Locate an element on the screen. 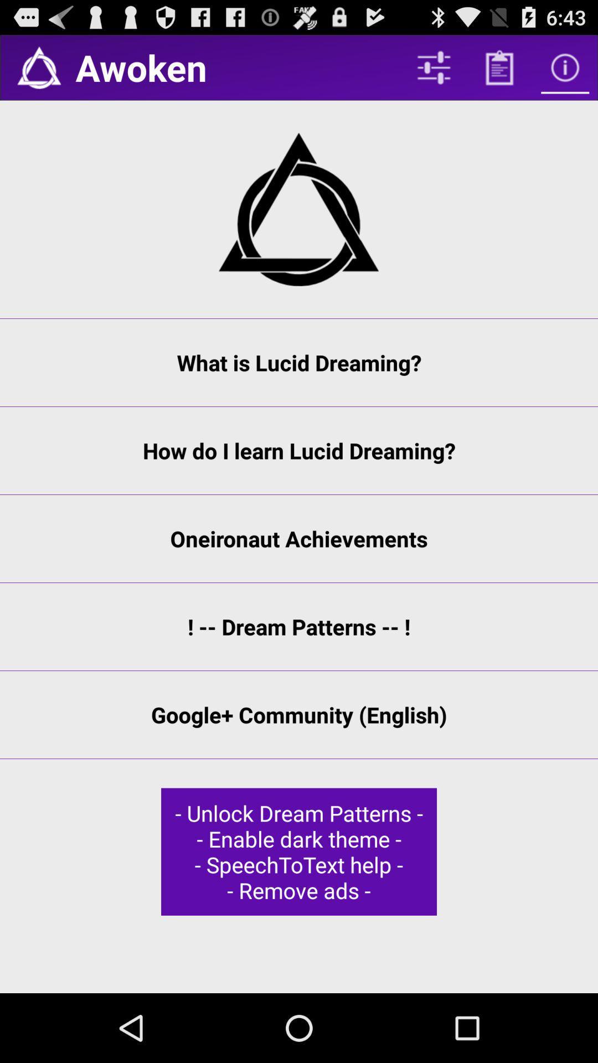 This screenshot has width=598, height=1063. what is lucid item is located at coordinates (299, 363).